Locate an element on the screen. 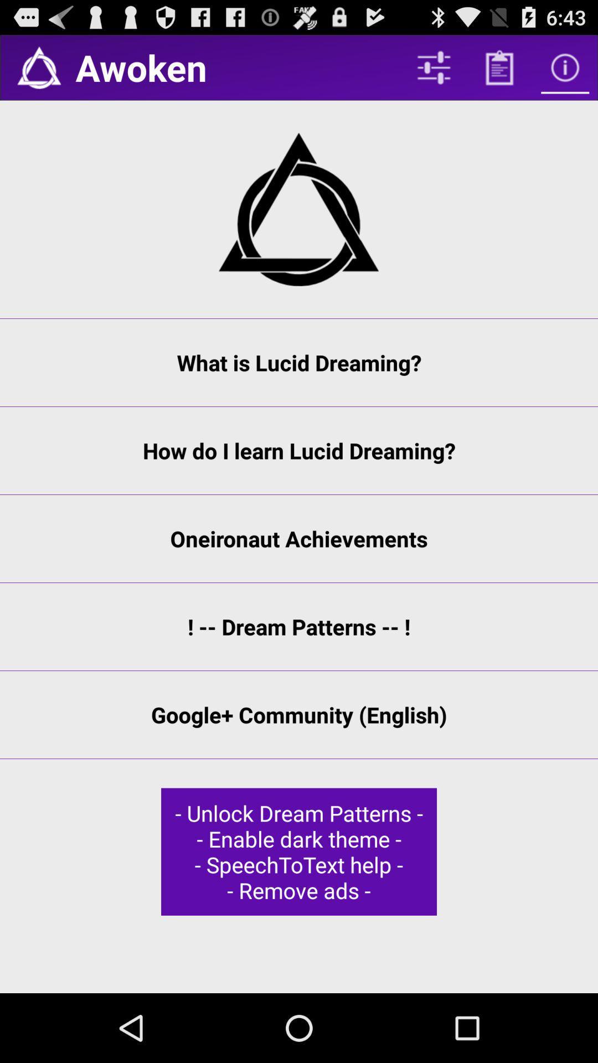 This screenshot has width=598, height=1063. what is lucid item is located at coordinates (299, 363).